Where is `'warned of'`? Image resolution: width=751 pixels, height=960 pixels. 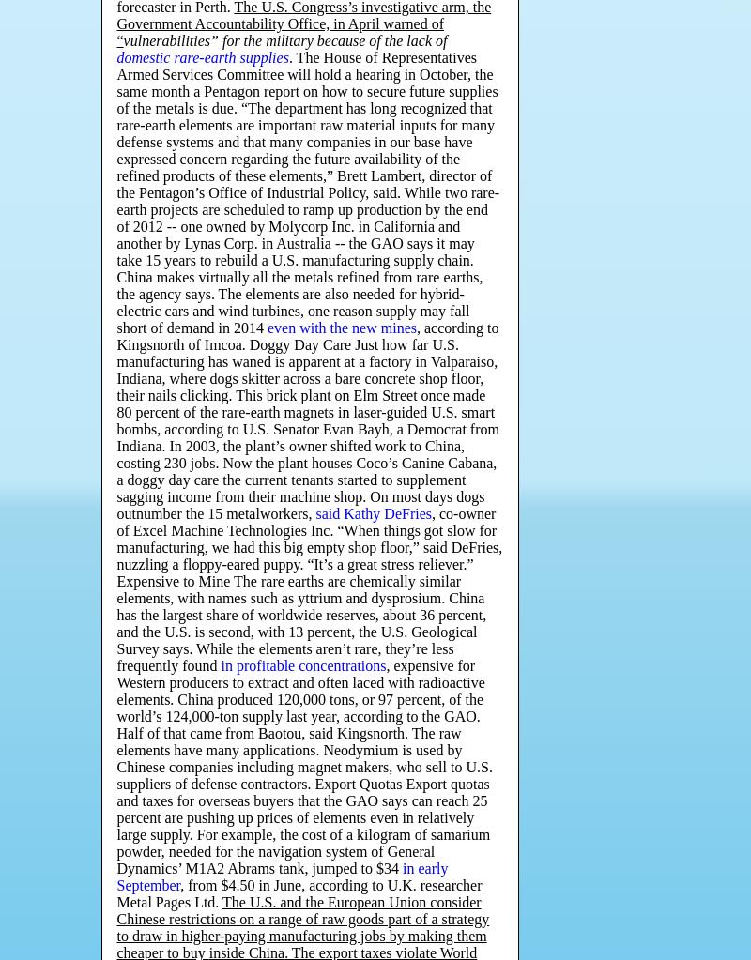 'warned of' is located at coordinates (412, 23).